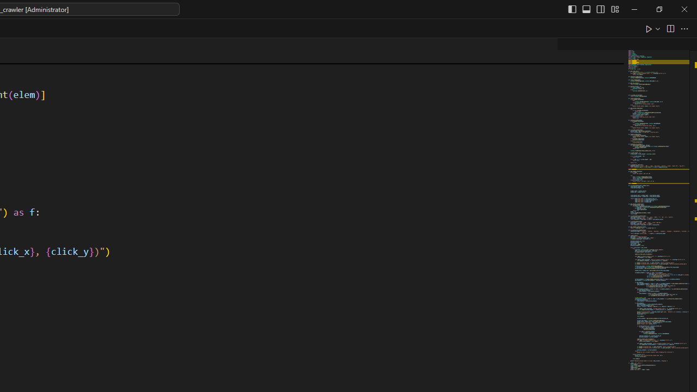 This screenshot has height=392, width=697. Describe the element at coordinates (571, 9) in the screenshot. I see `'Toggle Primary Side Bar (Ctrl+B)'` at that location.